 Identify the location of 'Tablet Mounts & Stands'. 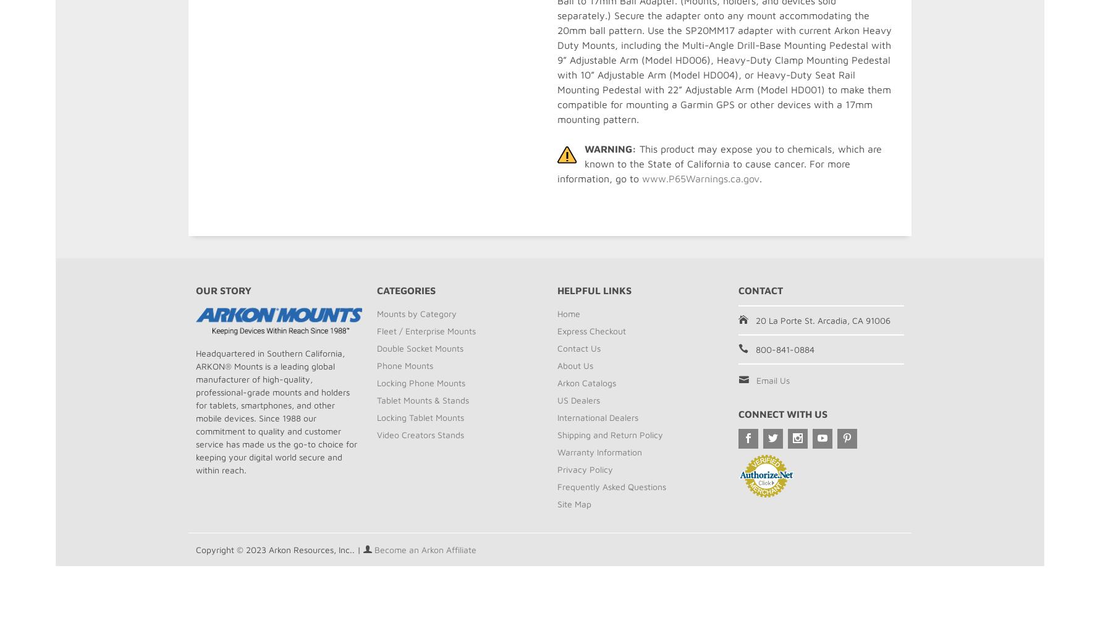
(421, 400).